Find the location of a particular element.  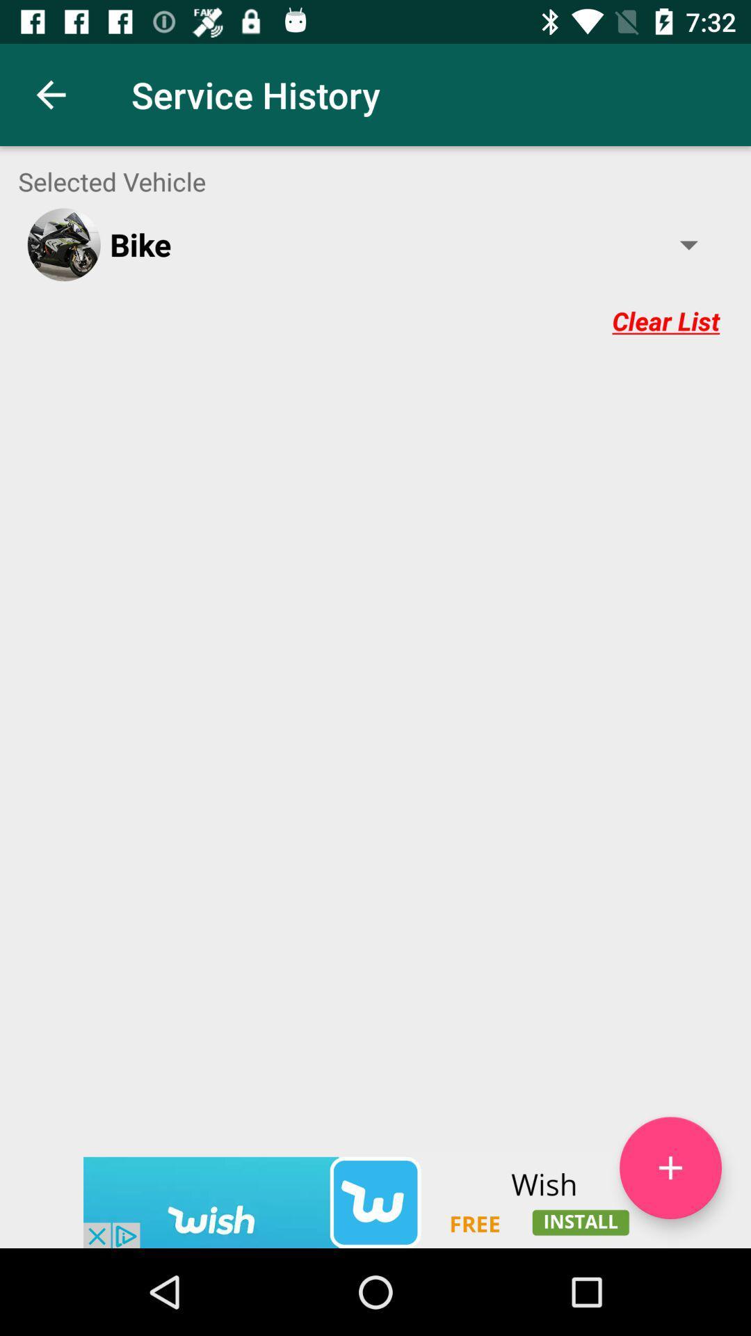

wish app advertisement is located at coordinates (375, 1202).